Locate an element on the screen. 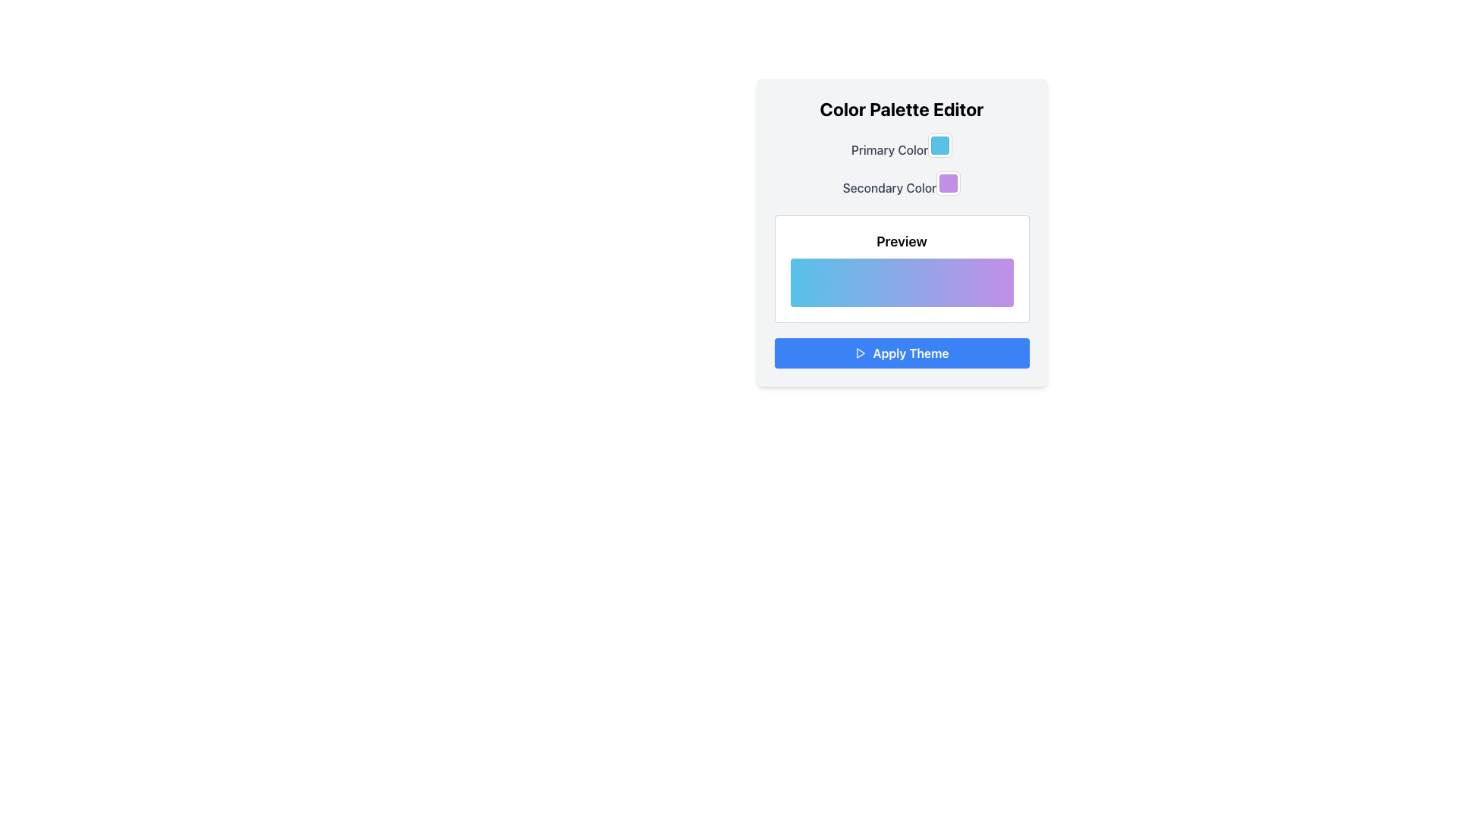  the static text header titled 'Color Palette Editor', which is a large, bold caption centered at the top of the card is located at coordinates (902, 108).